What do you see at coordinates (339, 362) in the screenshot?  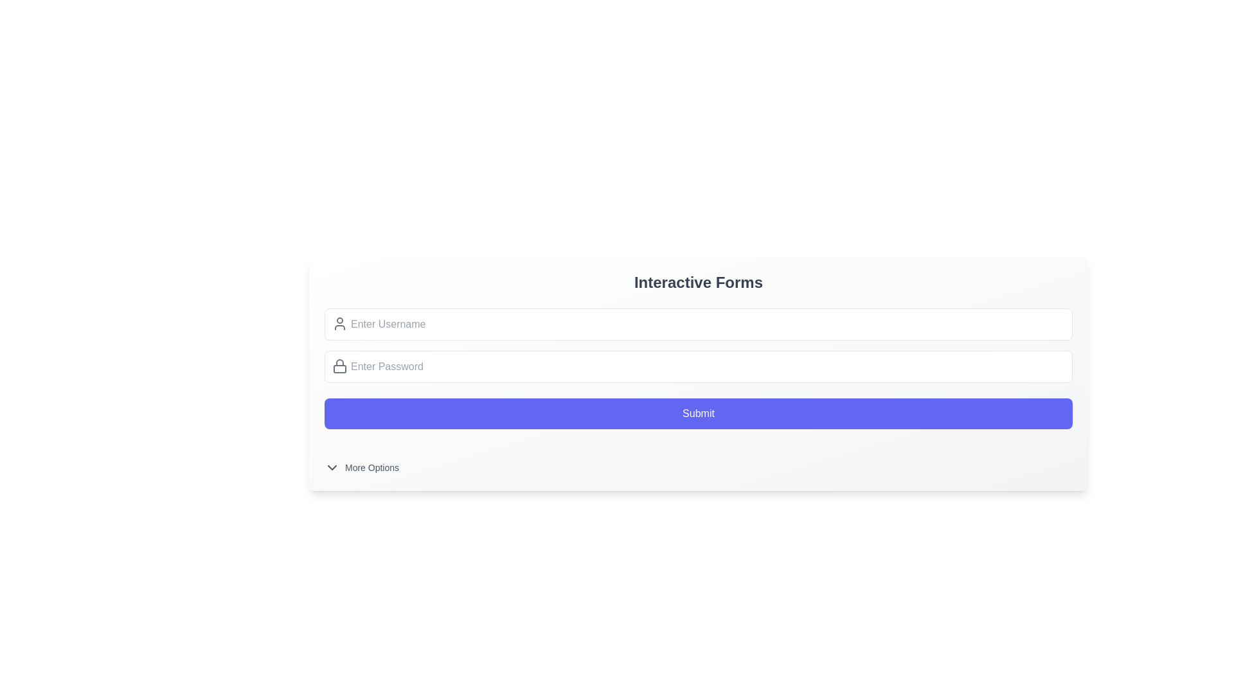 I see `the top curved portion of the lock icon within the password input field, which is styled with a gray outline and appears in the top left corner` at bounding box center [339, 362].